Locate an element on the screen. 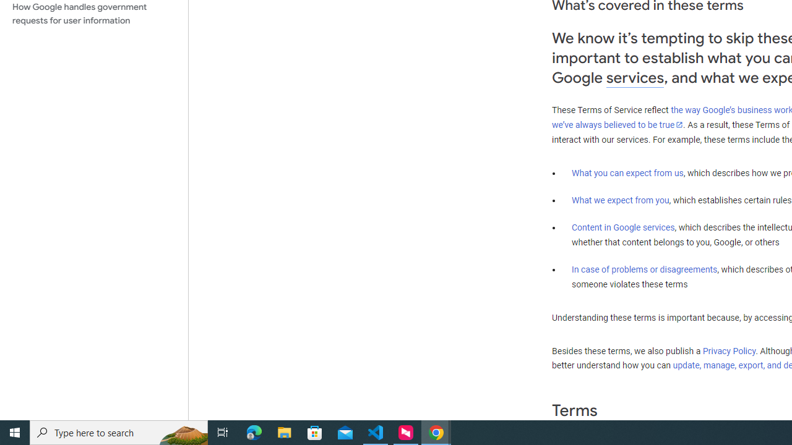 The image size is (792, 445). 'services' is located at coordinates (635, 77).